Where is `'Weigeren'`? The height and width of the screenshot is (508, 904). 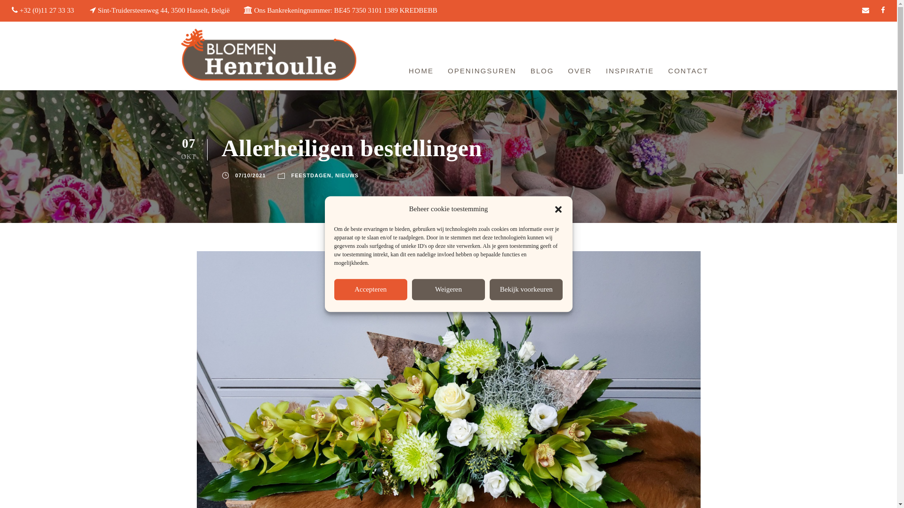 'Weigeren' is located at coordinates (448, 289).